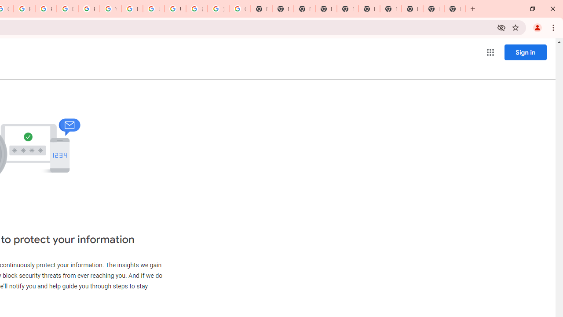 This screenshot has height=317, width=563. Describe the element at coordinates (455, 9) in the screenshot. I see `'New Tab'` at that location.